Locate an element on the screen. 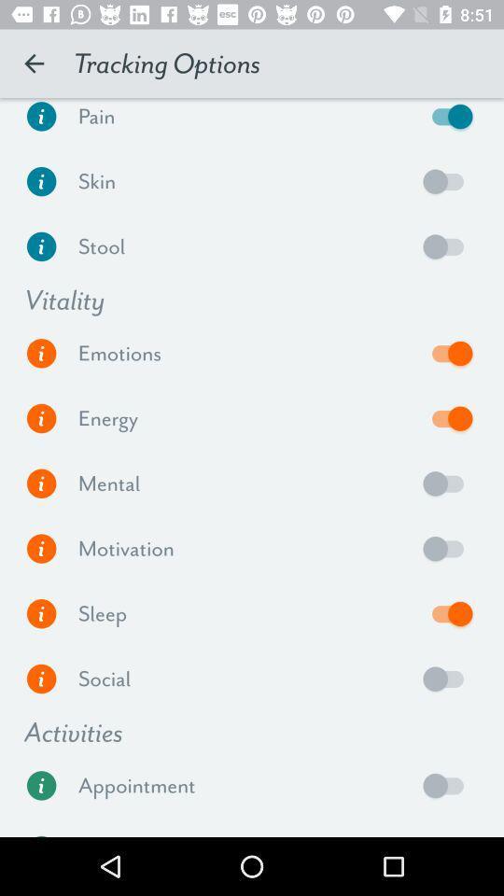  energy level informaion is located at coordinates (41, 418).